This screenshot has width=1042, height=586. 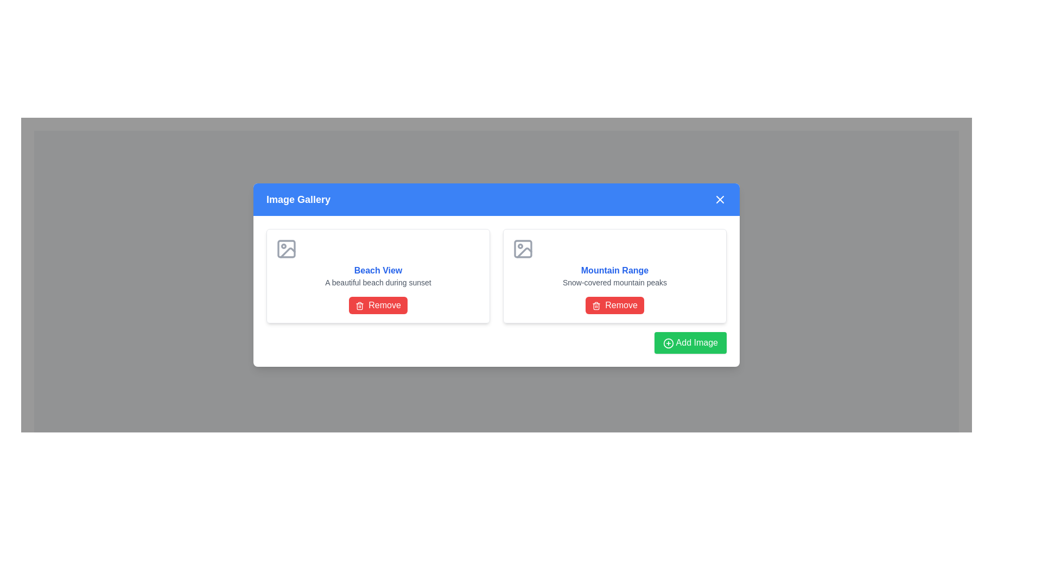 I want to click on the 'Remove' icon located on the left side of the 'Remove' button in the lower section of the card, so click(x=360, y=305).